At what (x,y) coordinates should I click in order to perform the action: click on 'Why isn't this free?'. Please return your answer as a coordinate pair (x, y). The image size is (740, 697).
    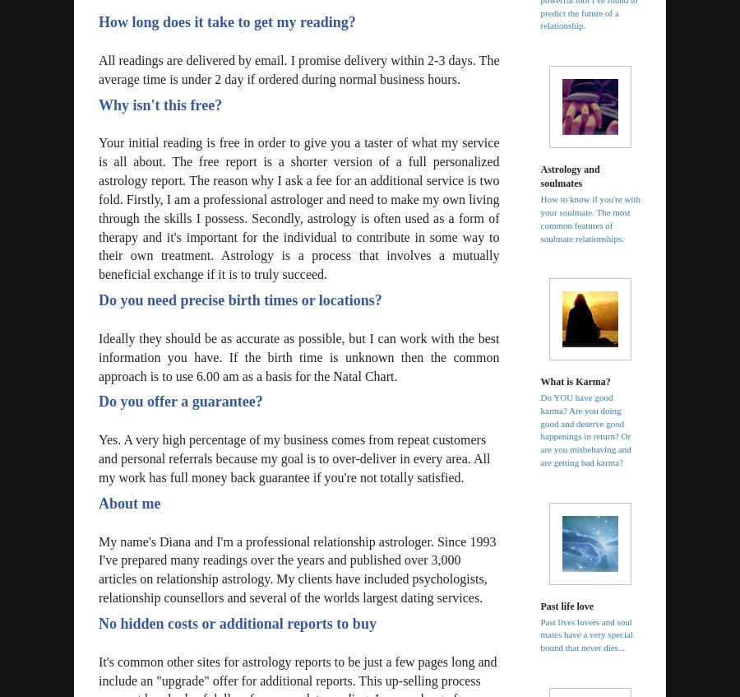
    Looking at the image, I should click on (160, 103).